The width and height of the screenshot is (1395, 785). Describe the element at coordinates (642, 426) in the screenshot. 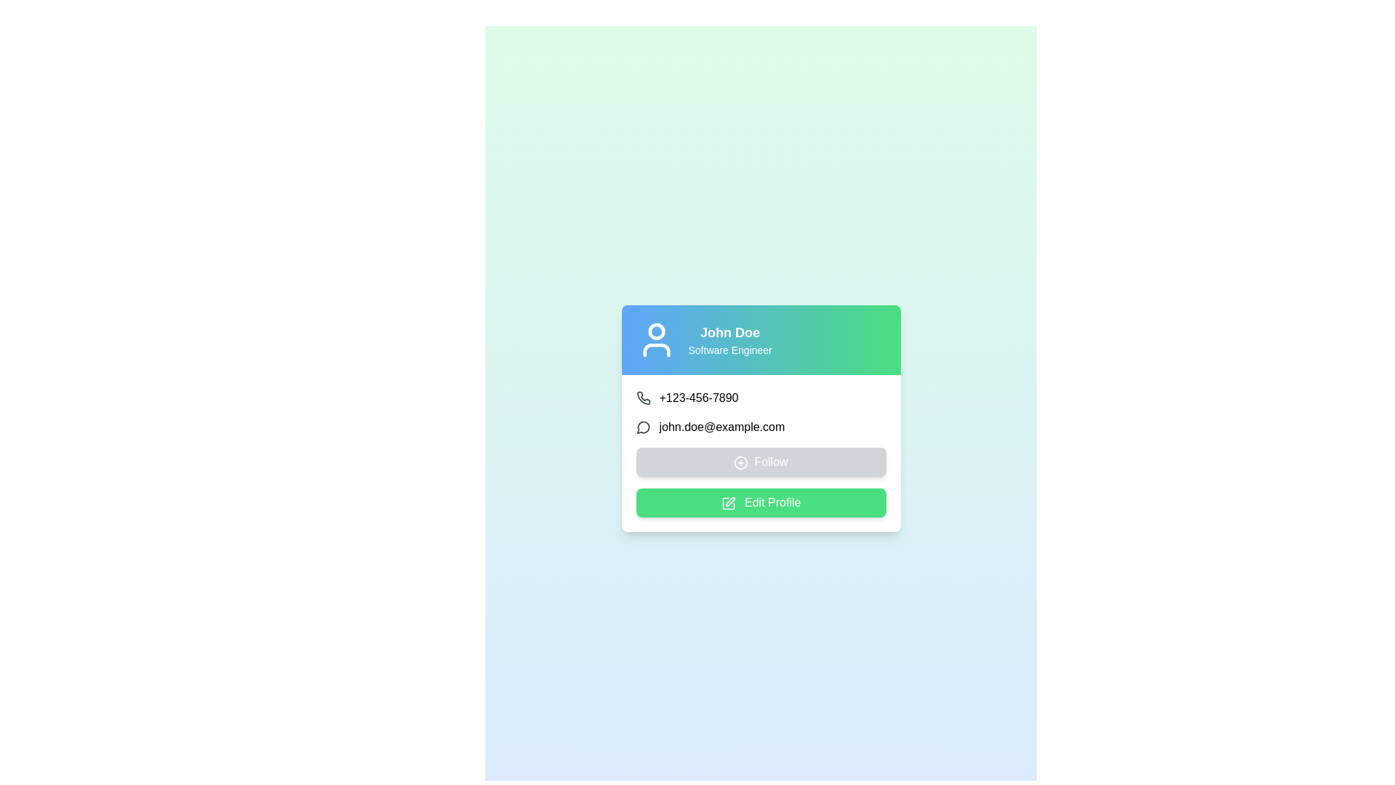

I see `the small circular icon resembling a speech bubble located to the left of 'john.doe@example.com'` at that location.